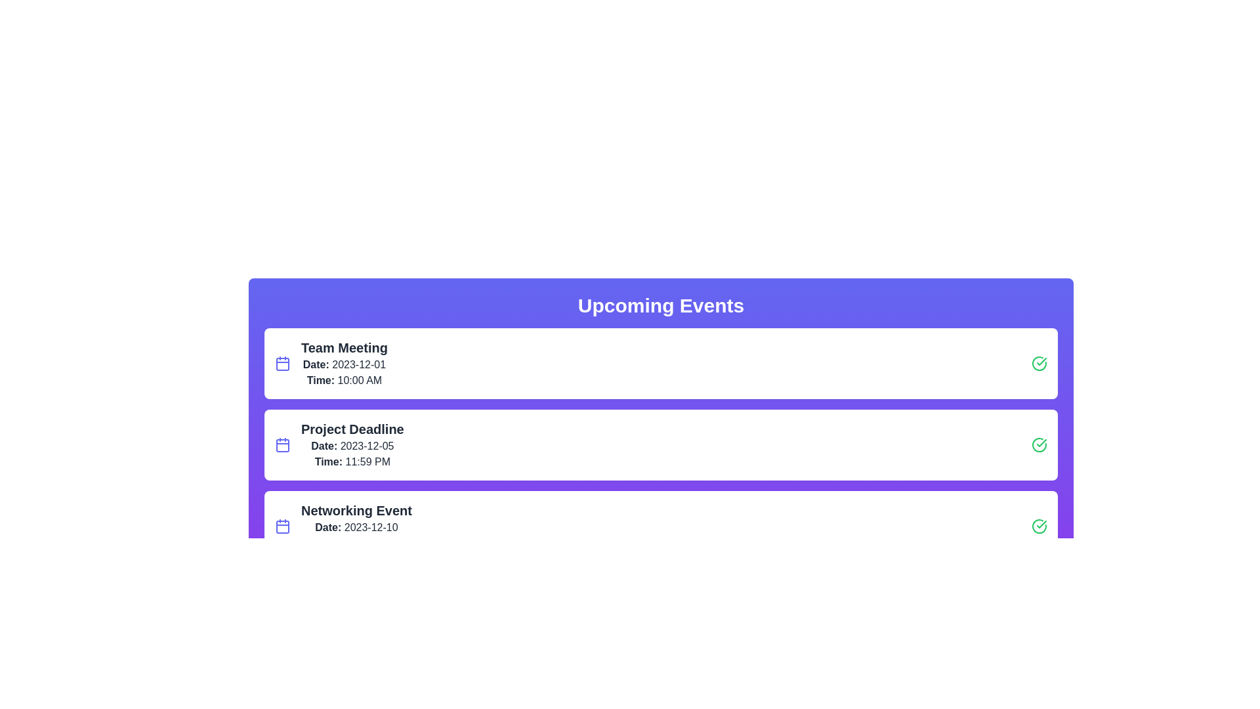 The image size is (1260, 709). I want to click on the green circular icon with a check mark inside, located on the rightmost side of the first card titled 'Team Meeting' in the 'Upcoming Events' section, so click(1039, 364).